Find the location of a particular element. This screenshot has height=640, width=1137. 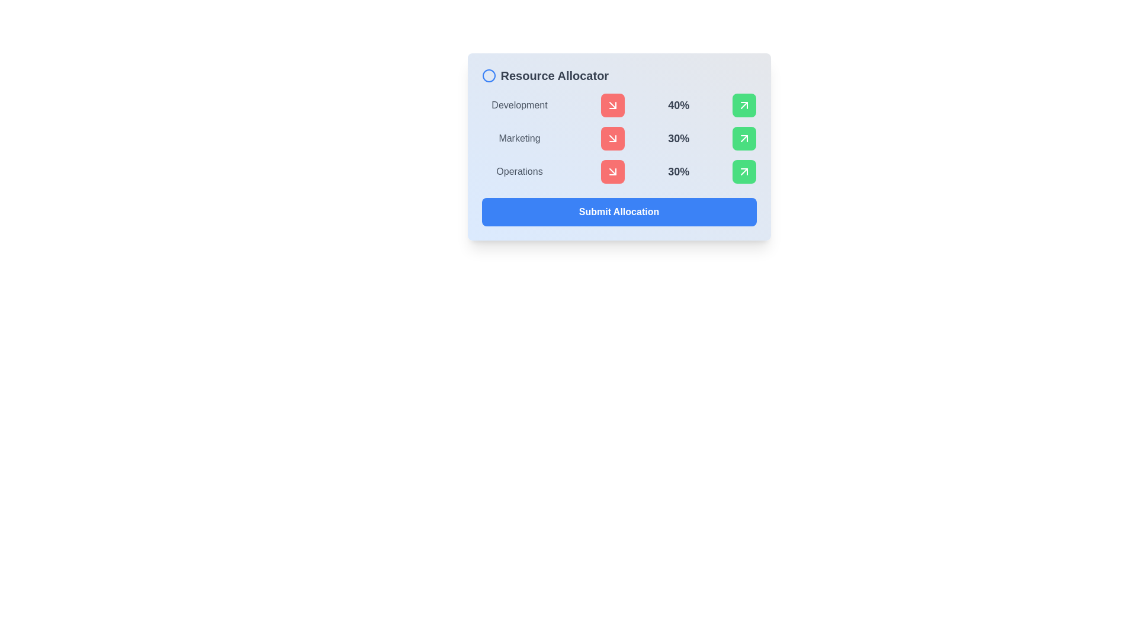

the 'Submit Allocation' button, which is a bright blue button with rounded corners and white bold text is located at coordinates (618, 212).